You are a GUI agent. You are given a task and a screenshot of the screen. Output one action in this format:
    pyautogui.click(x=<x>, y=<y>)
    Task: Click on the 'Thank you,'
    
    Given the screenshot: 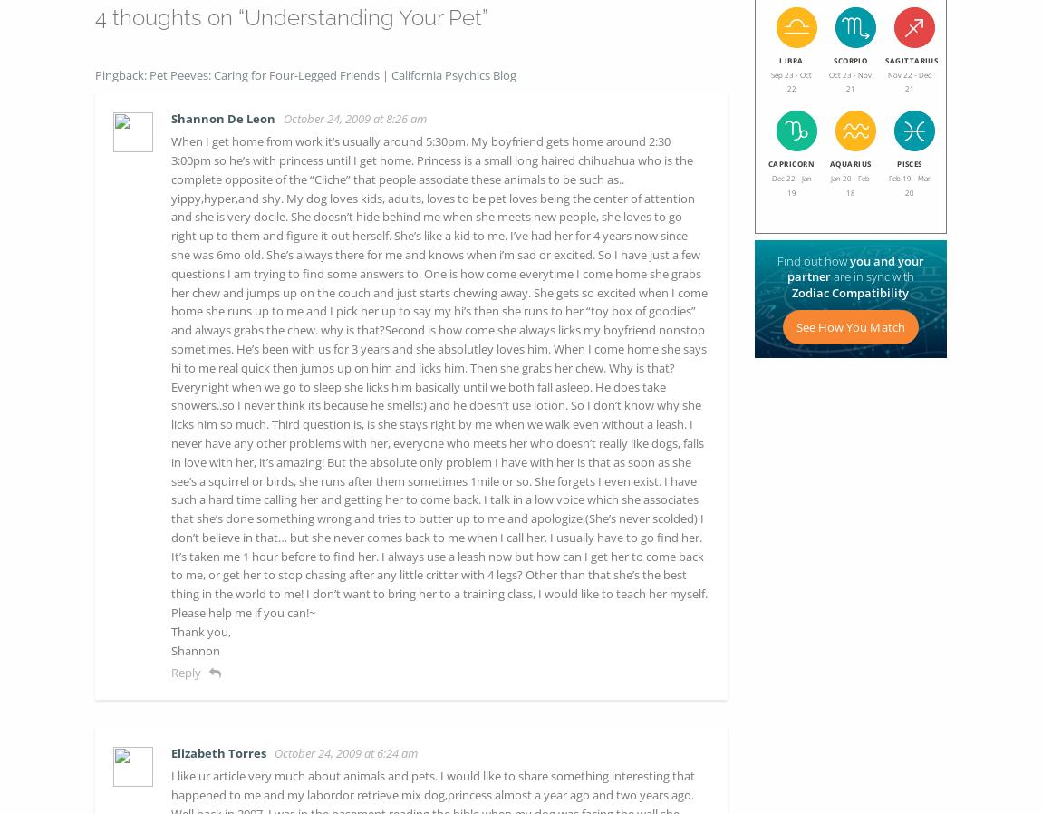 What is the action you would take?
    pyautogui.click(x=199, y=631)
    